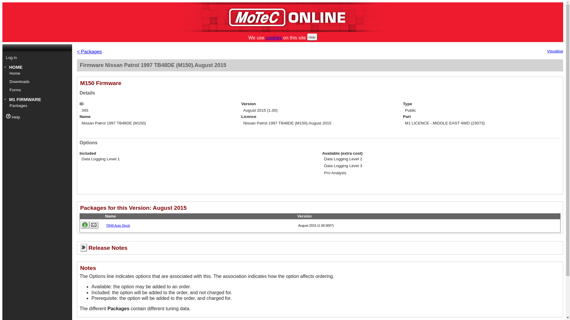 The width and height of the screenshot is (570, 320). What do you see at coordinates (94, 225) in the screenshot?
I see `'Email package'` at bounding box center [94, 225].